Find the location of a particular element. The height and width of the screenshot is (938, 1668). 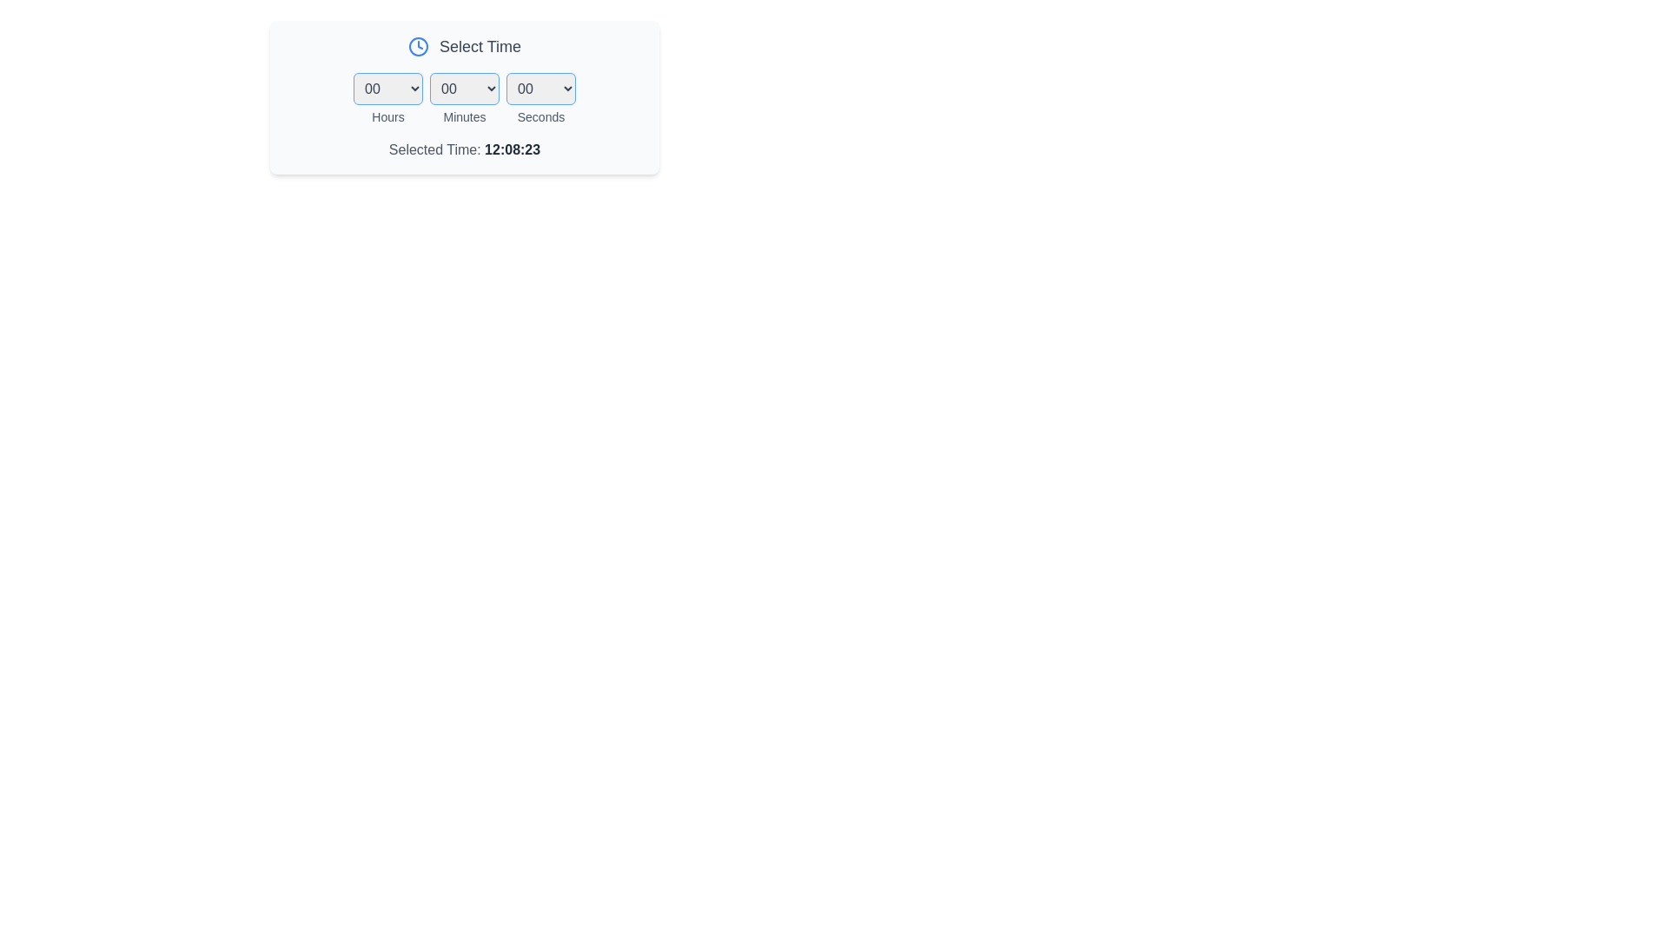

an hour value from the dropdown menu located at the first position of the trio of dropdown boxes for time input is located at coordinates (387, 99).